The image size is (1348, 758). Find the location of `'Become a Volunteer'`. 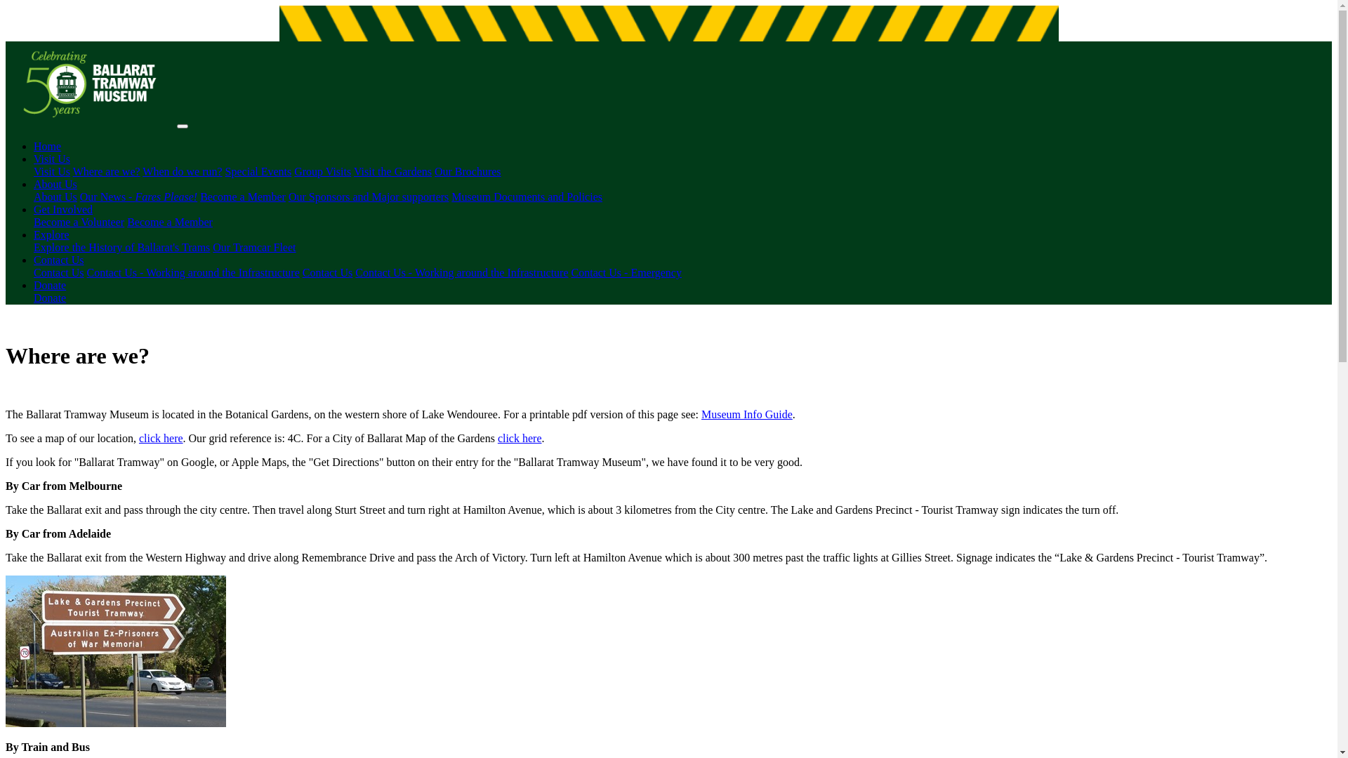

'Become a Volunteer' is located at coordinates (78, 221).